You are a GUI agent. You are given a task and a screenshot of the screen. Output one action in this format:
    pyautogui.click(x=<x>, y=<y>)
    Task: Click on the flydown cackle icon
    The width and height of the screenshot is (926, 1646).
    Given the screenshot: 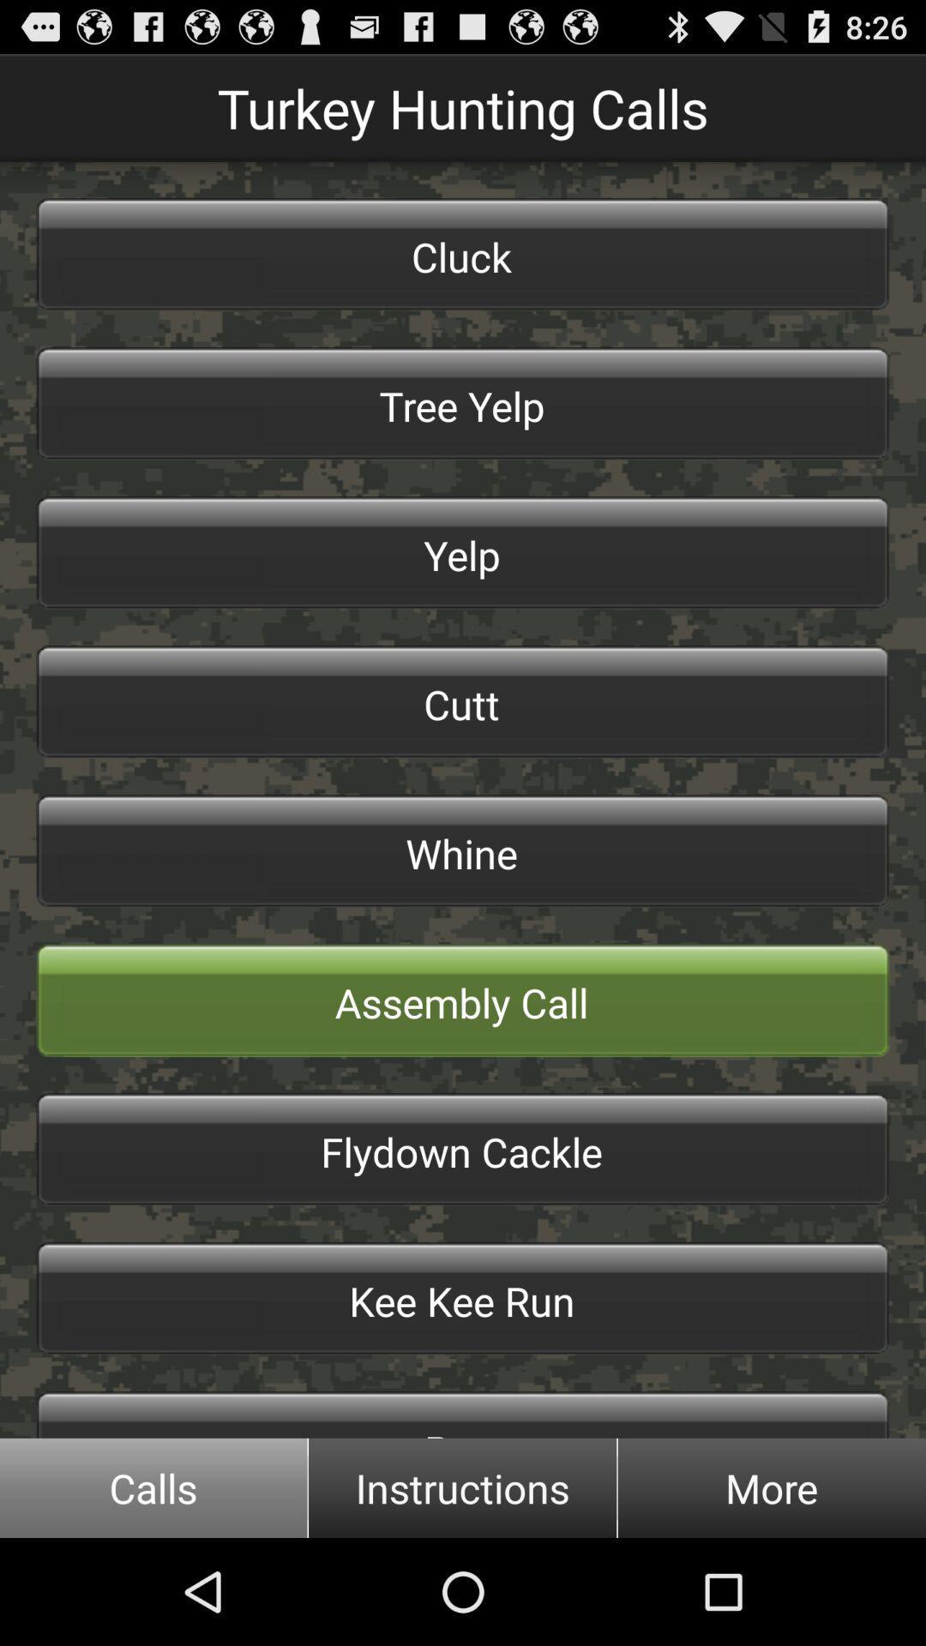 What is the action you would take?
    pyautogui.click(x=463, y=1149)
    